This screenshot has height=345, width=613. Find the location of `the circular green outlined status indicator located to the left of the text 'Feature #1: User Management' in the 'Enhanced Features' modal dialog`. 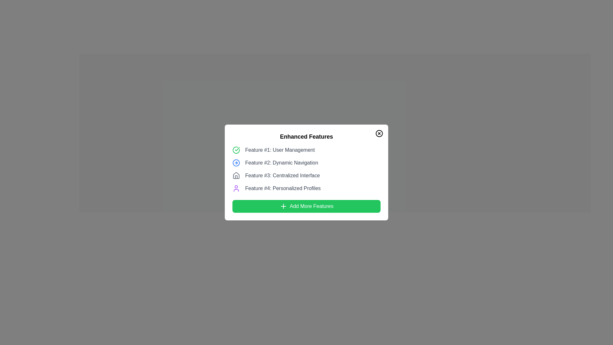

the circular green outlined status indicator located to the left of the text 'Feature #1: User Management' in the 'Enhanced Features' modal dialog is located at coordinates (236, 150).